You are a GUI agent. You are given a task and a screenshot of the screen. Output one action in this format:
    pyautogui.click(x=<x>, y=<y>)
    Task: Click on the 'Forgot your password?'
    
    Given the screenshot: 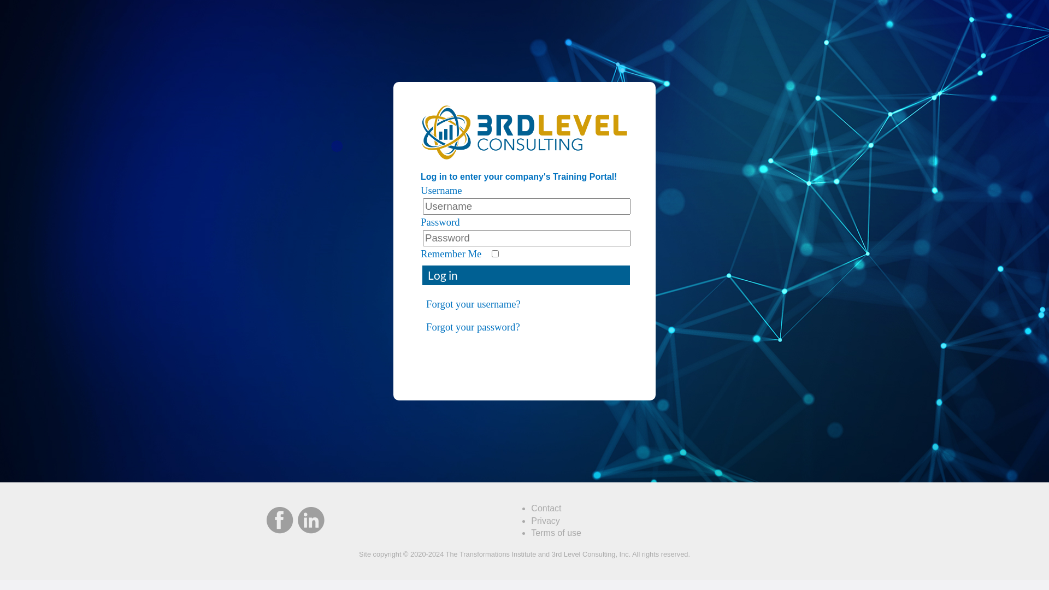 What is the action you would take?
    pyautogui.click(x=524, y=326)
    